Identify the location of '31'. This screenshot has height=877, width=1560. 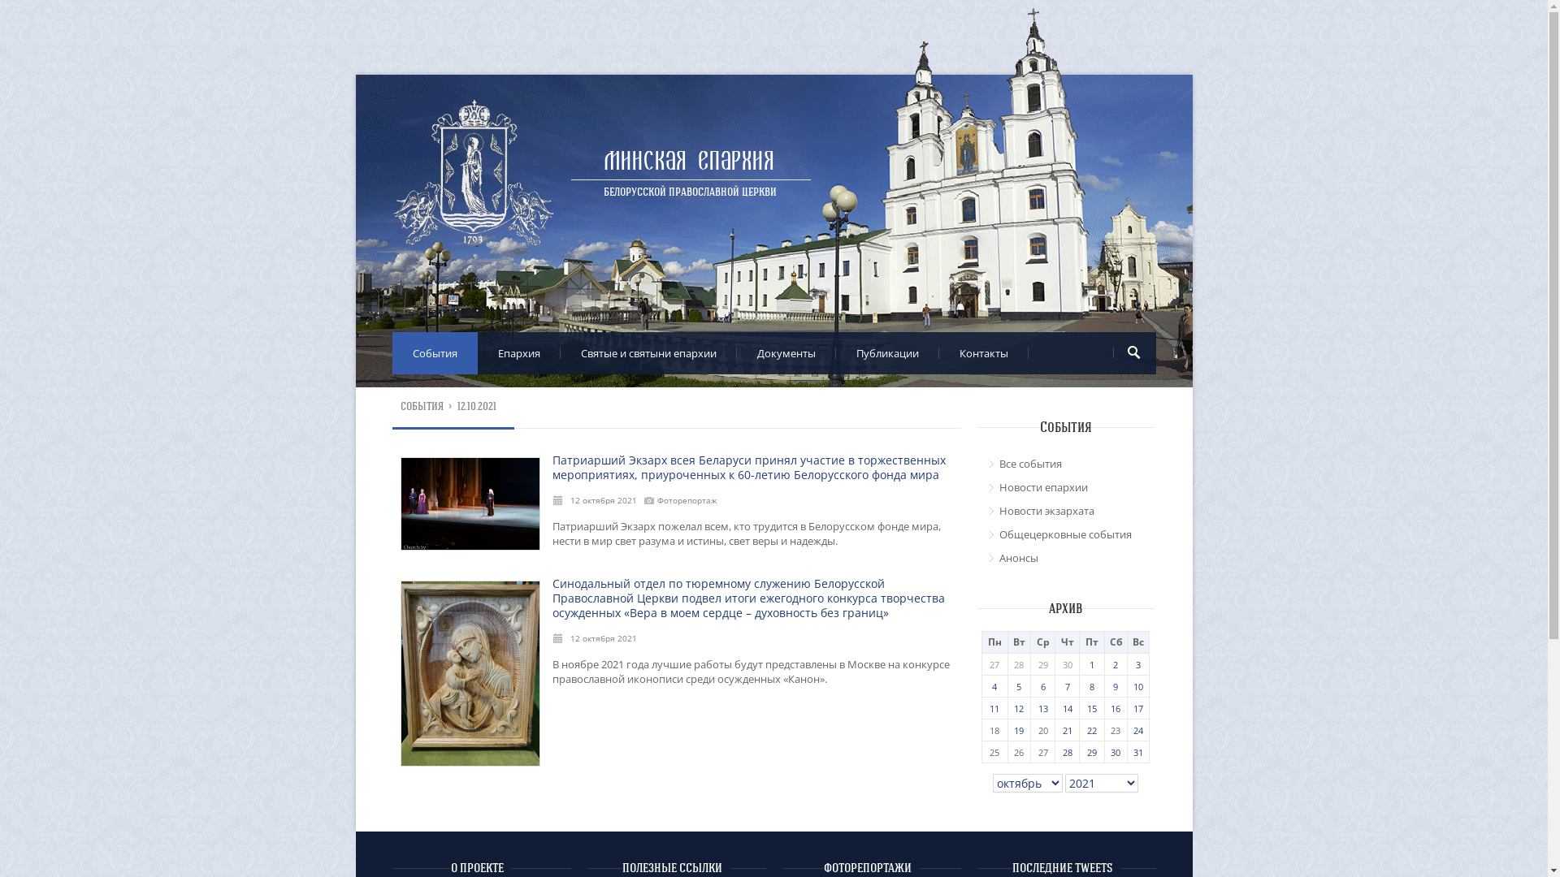
(1137, 751).